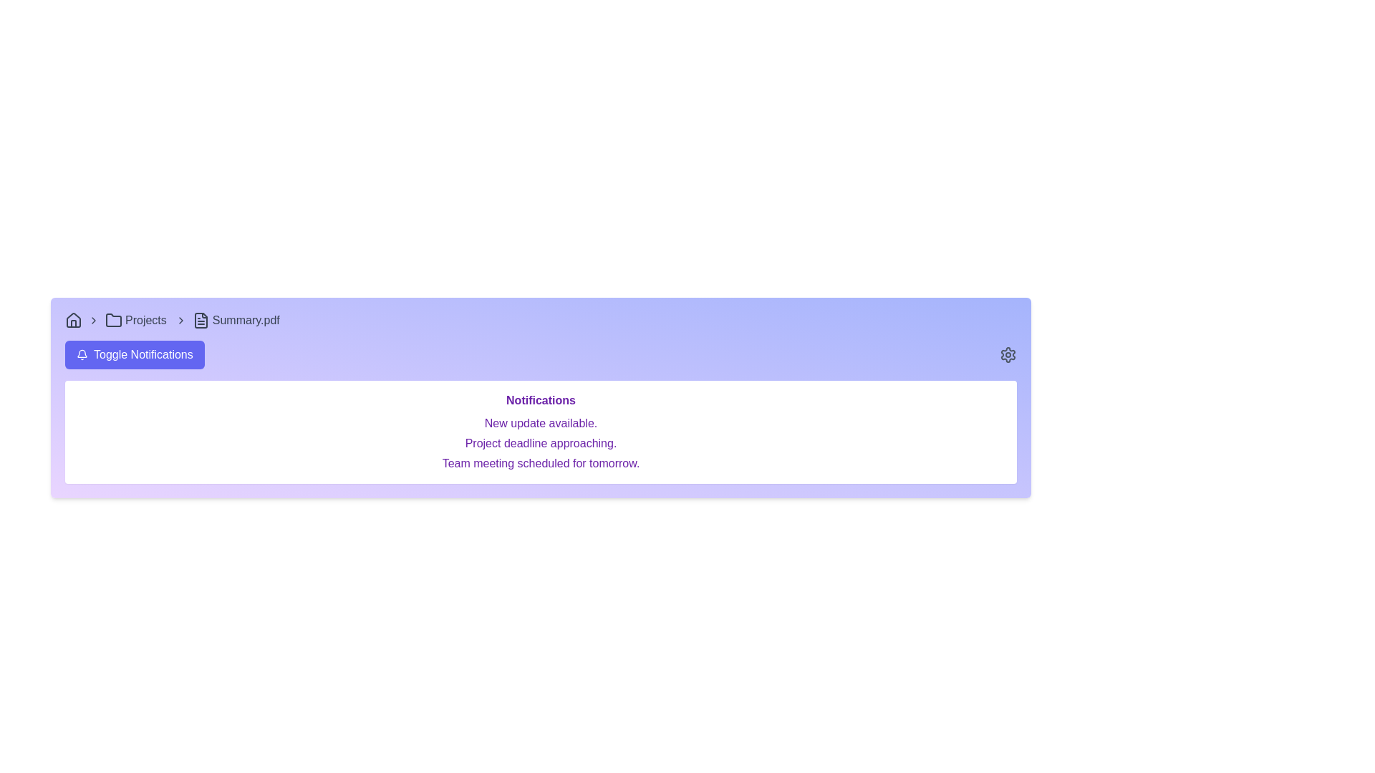 Image resolution: width=1375 pixels, height=773 pixels. What do you see at coordinates (92, 319) in the screenshot?
I see `the right-facing chevron SVG icon that serves as a separator in the navigation breadcrumb component, located between the house icon and the folder icon` at bounding box center [92, 319].